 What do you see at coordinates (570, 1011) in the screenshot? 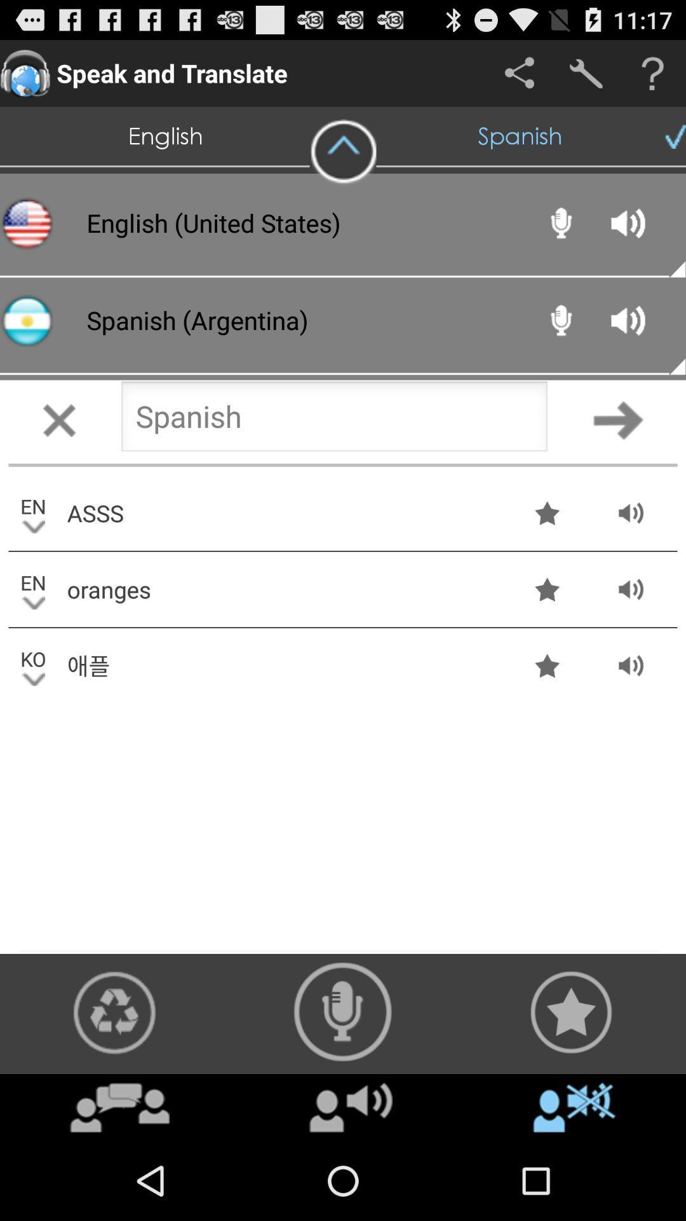
I see `translation button` at bounding box center [570, 1011].